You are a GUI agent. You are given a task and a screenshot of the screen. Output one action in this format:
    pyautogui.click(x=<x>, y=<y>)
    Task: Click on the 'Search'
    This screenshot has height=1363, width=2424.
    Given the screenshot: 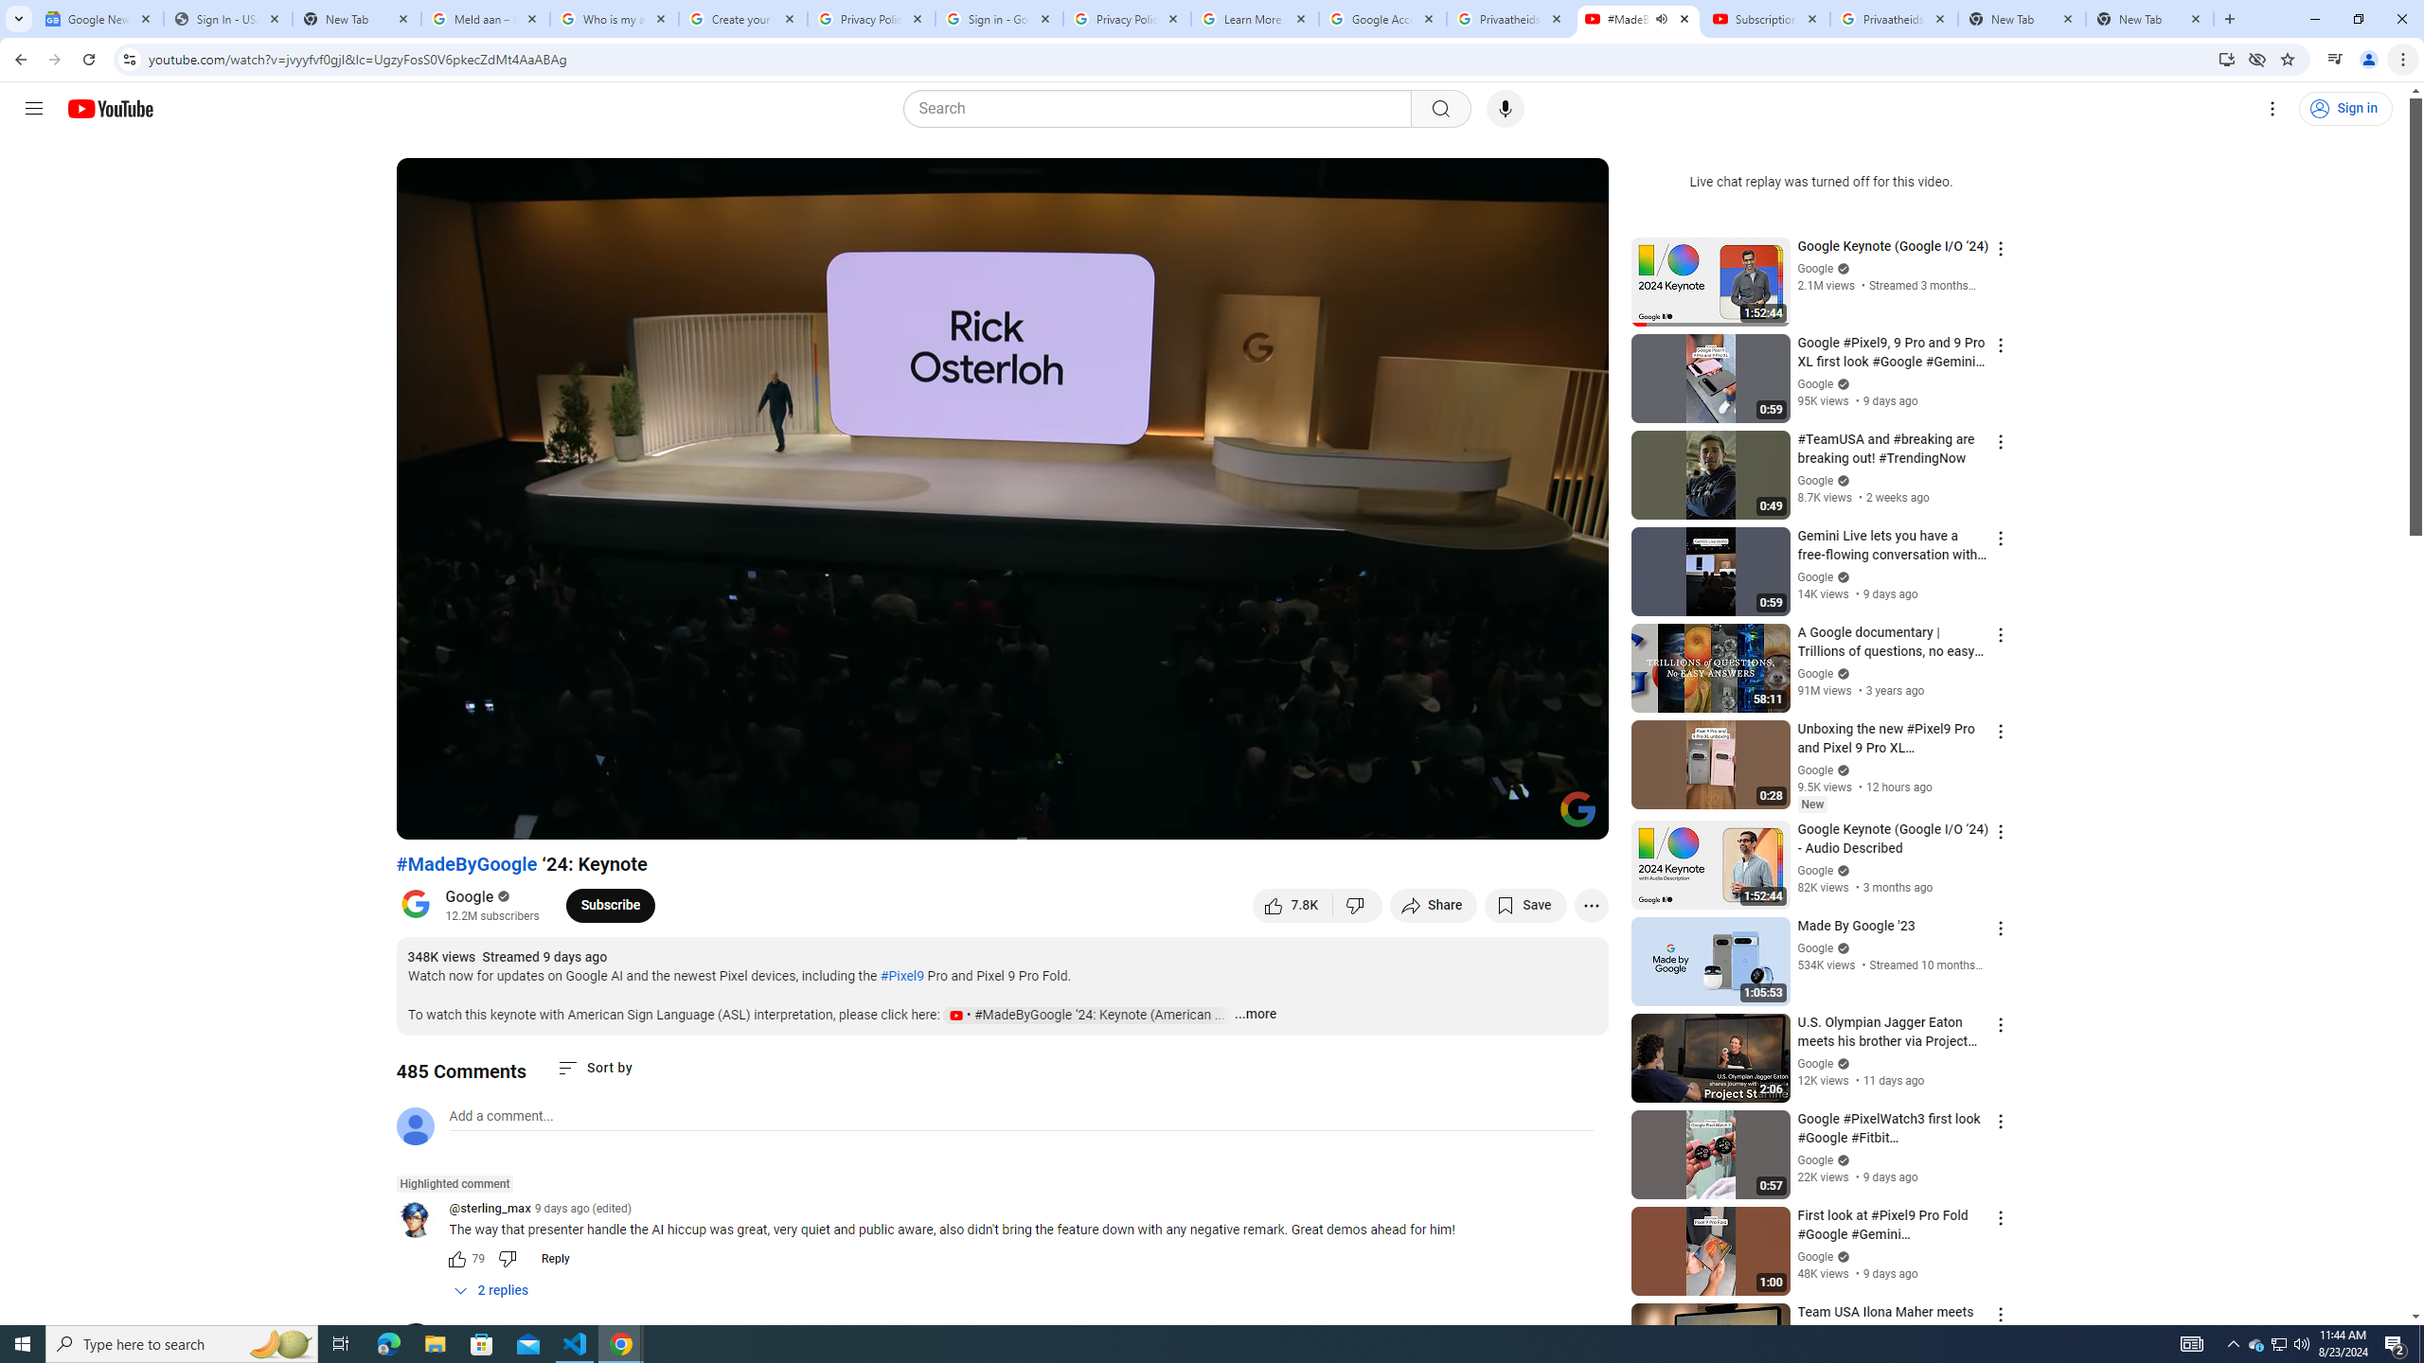 What is the action you would take?
    pyautogui.click(x=1162, y=108)
    